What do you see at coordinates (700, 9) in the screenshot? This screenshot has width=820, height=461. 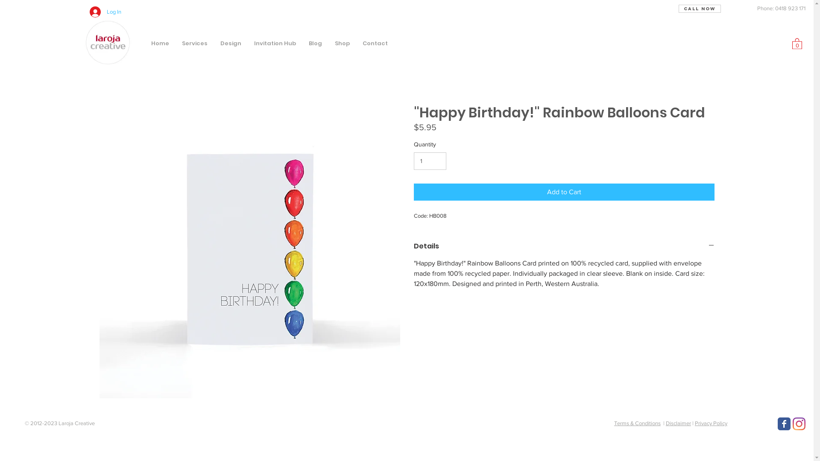 I see `'Call Now'` at bounding box center [700, 9].